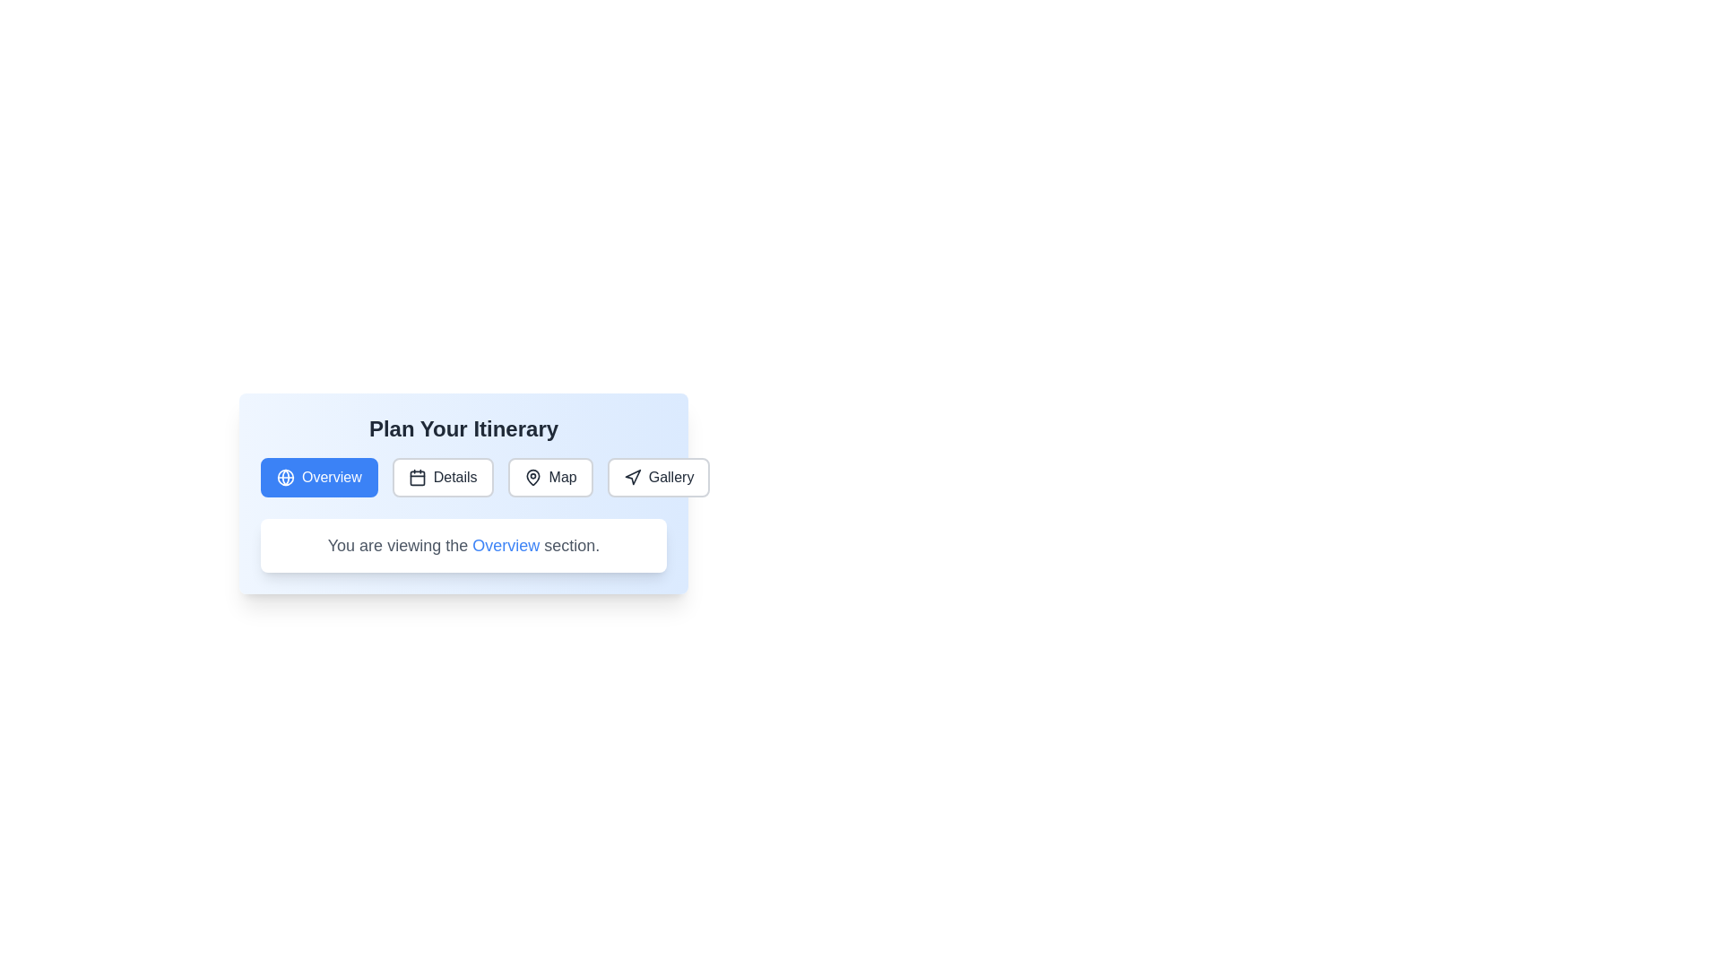 Image resolution: width=1721 pixels, height=968 pixels. What do you see at coordinates (632, 476) in the screenshot?
I see `the navigation icon embedded within the 'Gallery' button, which is the last button in a horizontal group of four buttons located below the 'Plan Your Itinerary' header` at bounding box center [632, 476].